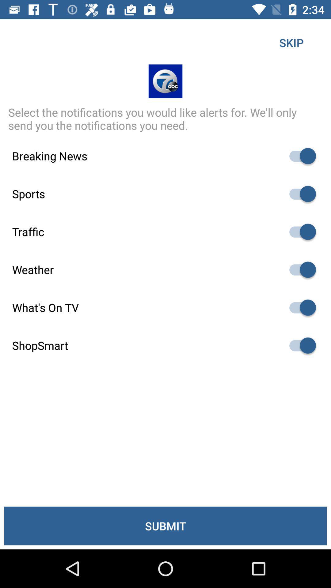 This screenshot has height=588, width=331. Describe the element at coordinates (299, 232) in the screenshot. I see `traffic alerts` at that location.